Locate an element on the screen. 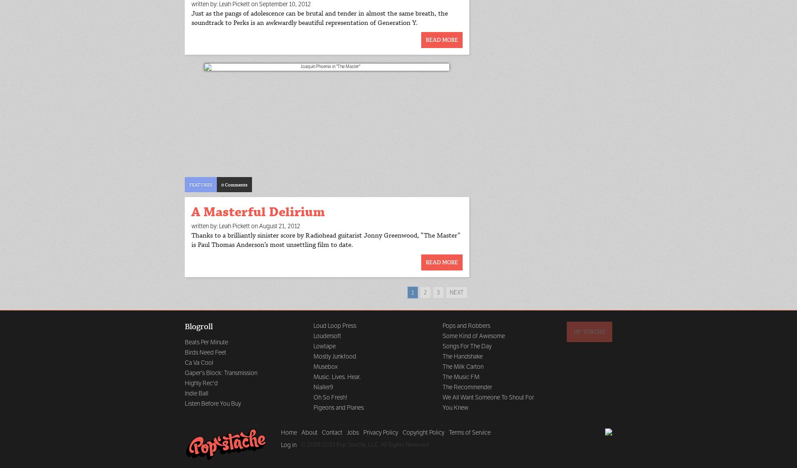 This screenshot has width=797, height=468. 'Loud Loop Press' is located at coordinates (334, 325).